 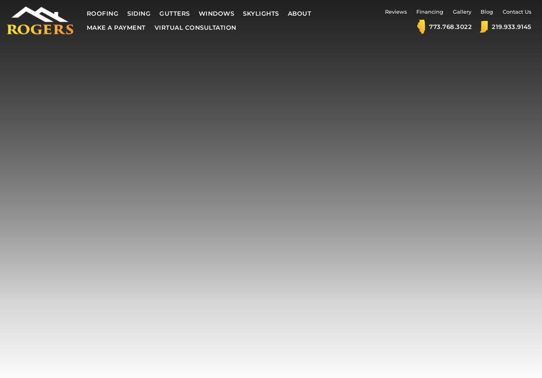 What do you see at coordinates (102, 13) in the screenshot?
I see `'Roofing'` at bounding box center [102, 13].